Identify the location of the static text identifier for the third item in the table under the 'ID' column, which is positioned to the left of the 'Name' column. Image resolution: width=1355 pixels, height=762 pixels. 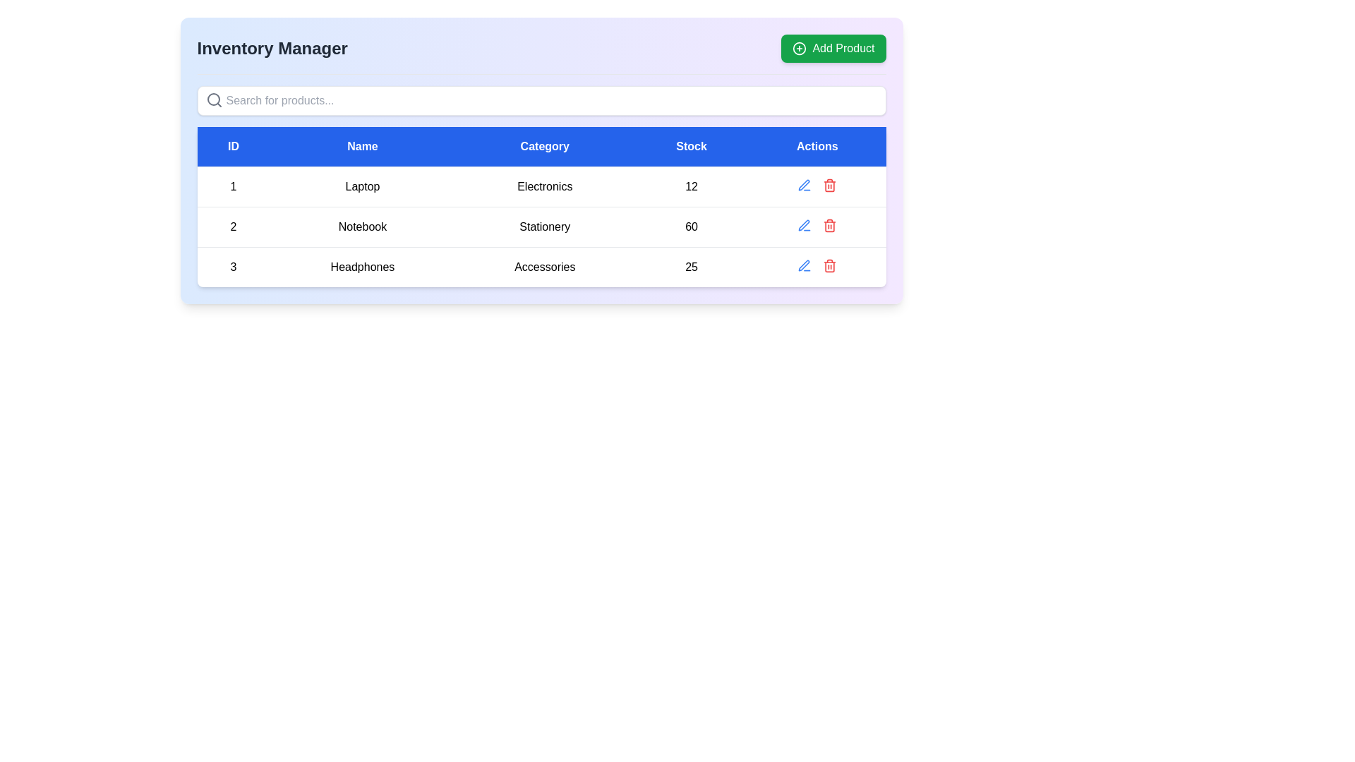
(234, 267).